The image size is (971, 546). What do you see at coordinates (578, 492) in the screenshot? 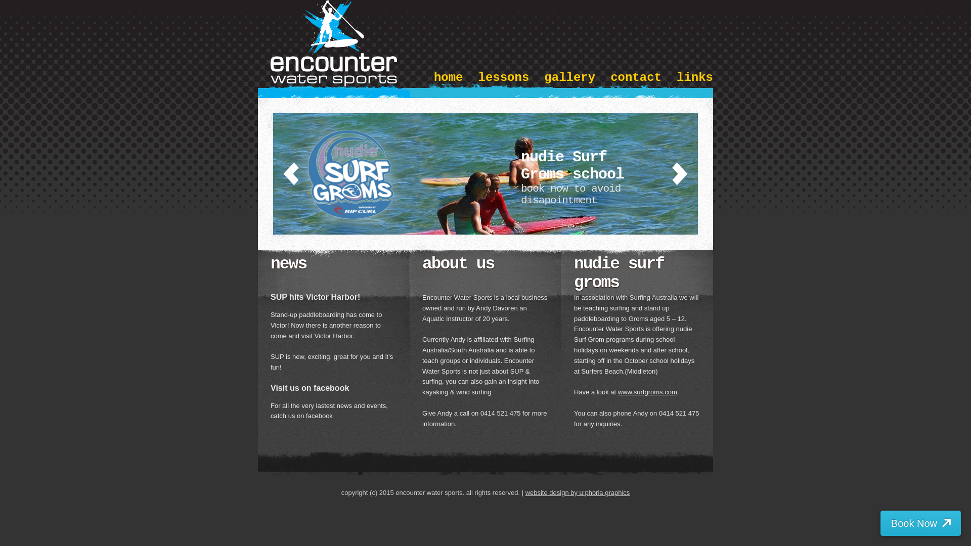
I see `'website design by u:phoria graphics'` at bounding box center [578, 492].